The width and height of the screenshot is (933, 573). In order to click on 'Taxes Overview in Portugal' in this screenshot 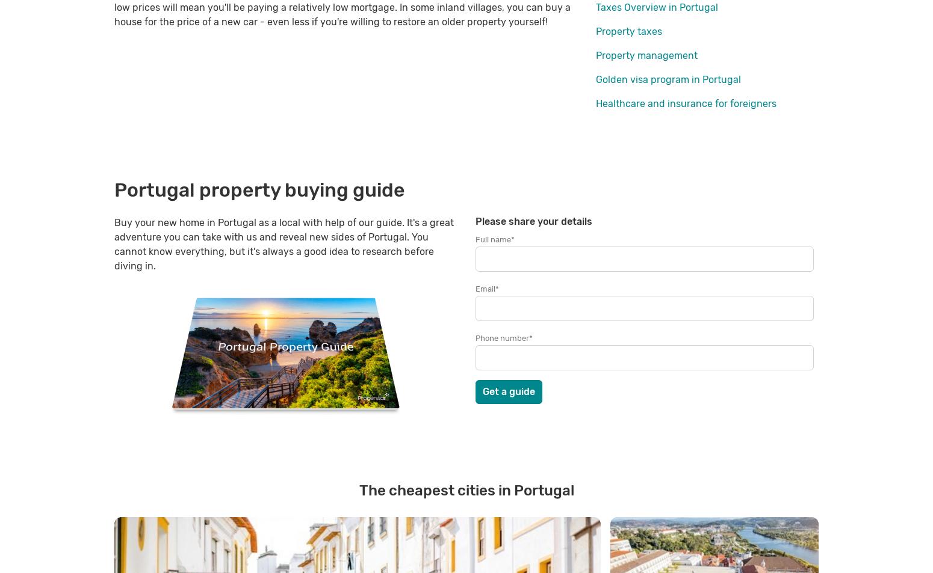, I will do `click(656, 7)`.